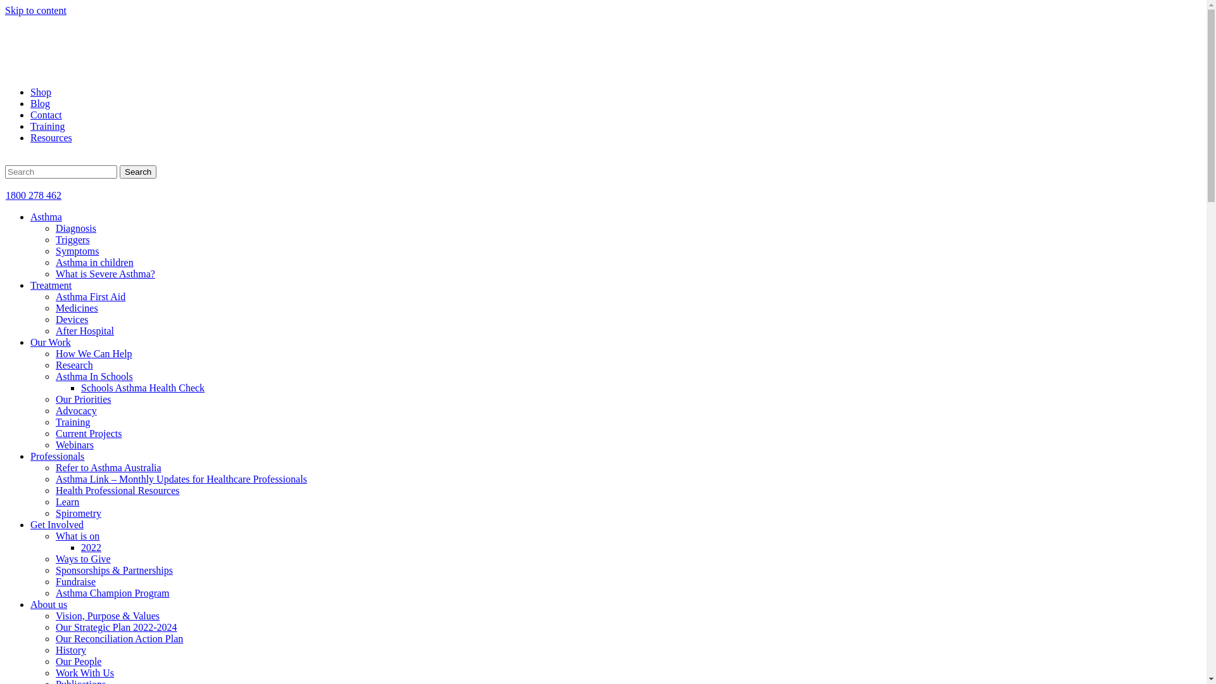  I want to click on 'Resources', so click(51, 137).